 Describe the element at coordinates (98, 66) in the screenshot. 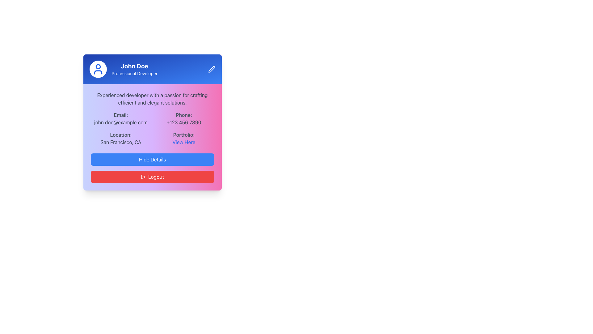

I see `the small circular shape with a solid fill, which is centered within the user silhouette icon located in the top-left section of the card` at that location.